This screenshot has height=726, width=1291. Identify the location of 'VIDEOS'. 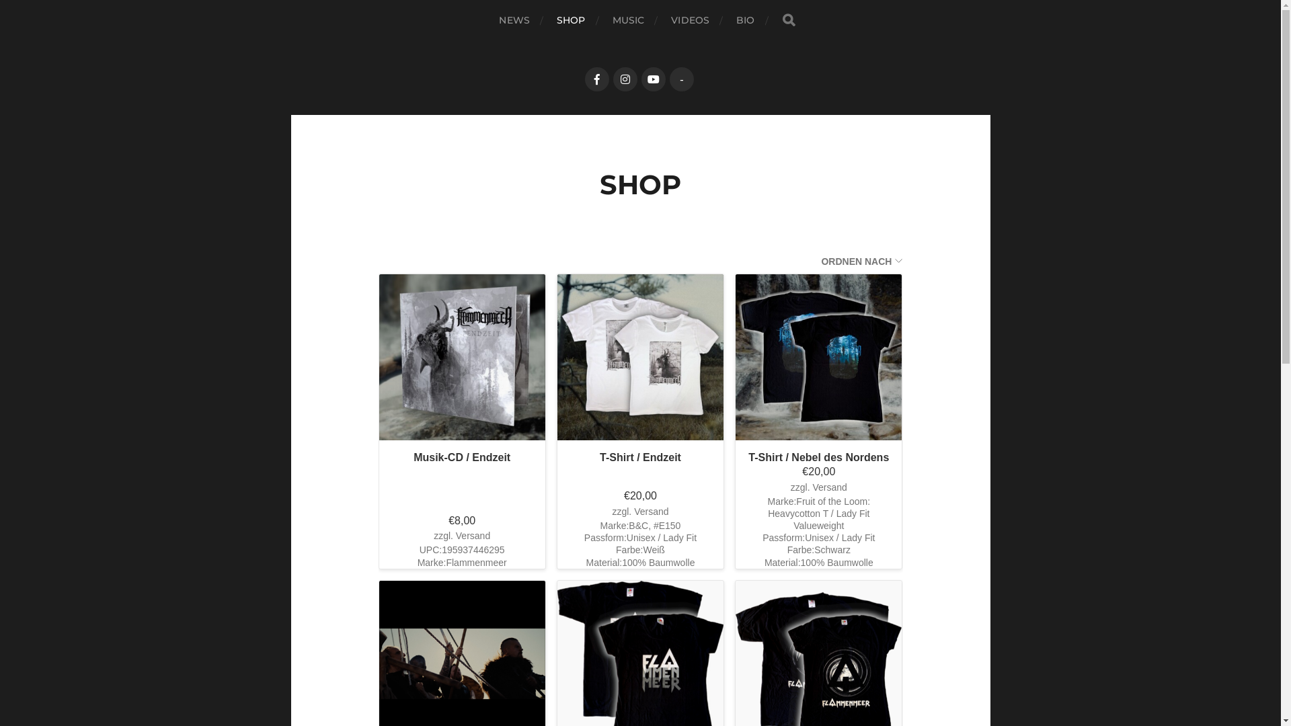
(690, 20).